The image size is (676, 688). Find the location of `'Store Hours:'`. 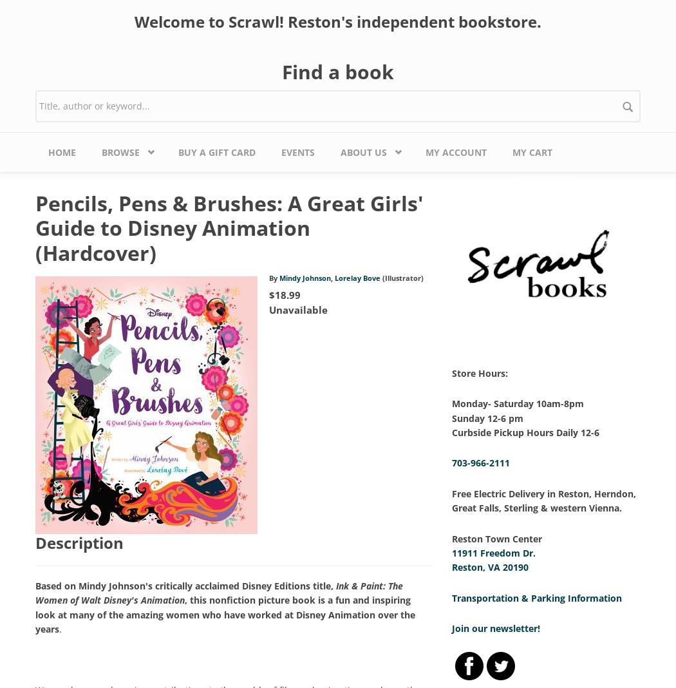

'Store Hours:' is located at coordinates (478, 372).